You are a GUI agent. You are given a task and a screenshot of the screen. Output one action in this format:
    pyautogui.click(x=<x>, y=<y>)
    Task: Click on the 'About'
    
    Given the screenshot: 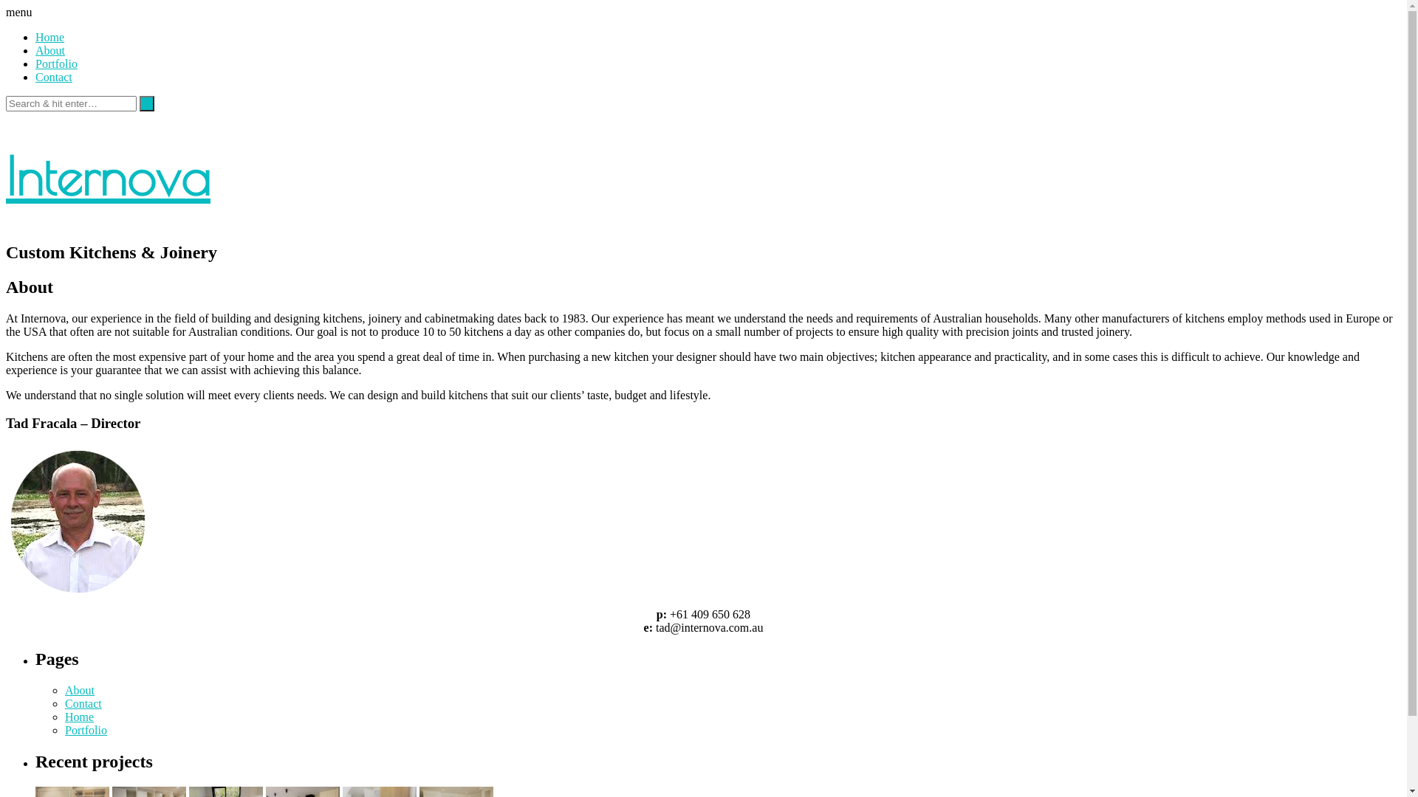 What is the action you would take?
    pyautogui.click(x=35, y=49)
    